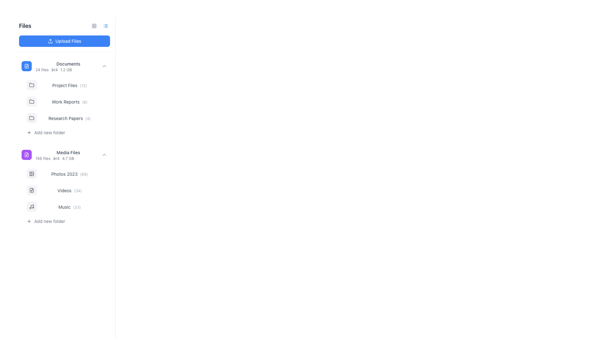  What do you see at coordinates (31, 190) in the screenshot?
I see `the 'Videos' folder icon located in the left navigation menu, under the 'Media Files' group` at bounding box center [31, 190].